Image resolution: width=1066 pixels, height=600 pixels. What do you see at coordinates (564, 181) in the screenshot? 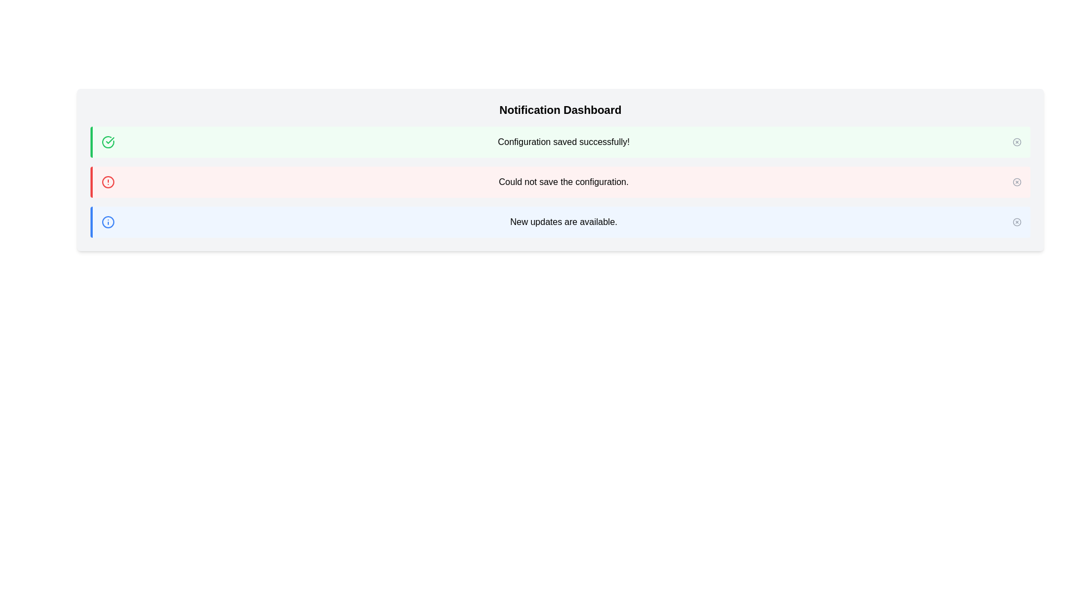
I see `the error notification message displayed in the middle of a red-bordered notification card, indicating a failed configuration save action` at bounding box center [564, 181].